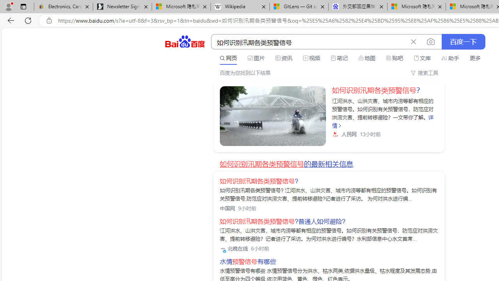 Image resolution: width=499 pixels, height=281 pixels. I want to click on 'Class: sc-link _link_kwqvb_2 -v-color-primary block', so click(273, 116).